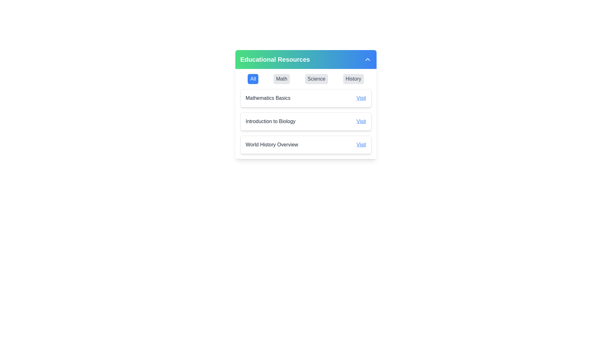 This screenshot has height=340, width=605. I want to click on the link related to 'Science' located inside the list item titled 'Introduction to Biology', so click(361, 121).